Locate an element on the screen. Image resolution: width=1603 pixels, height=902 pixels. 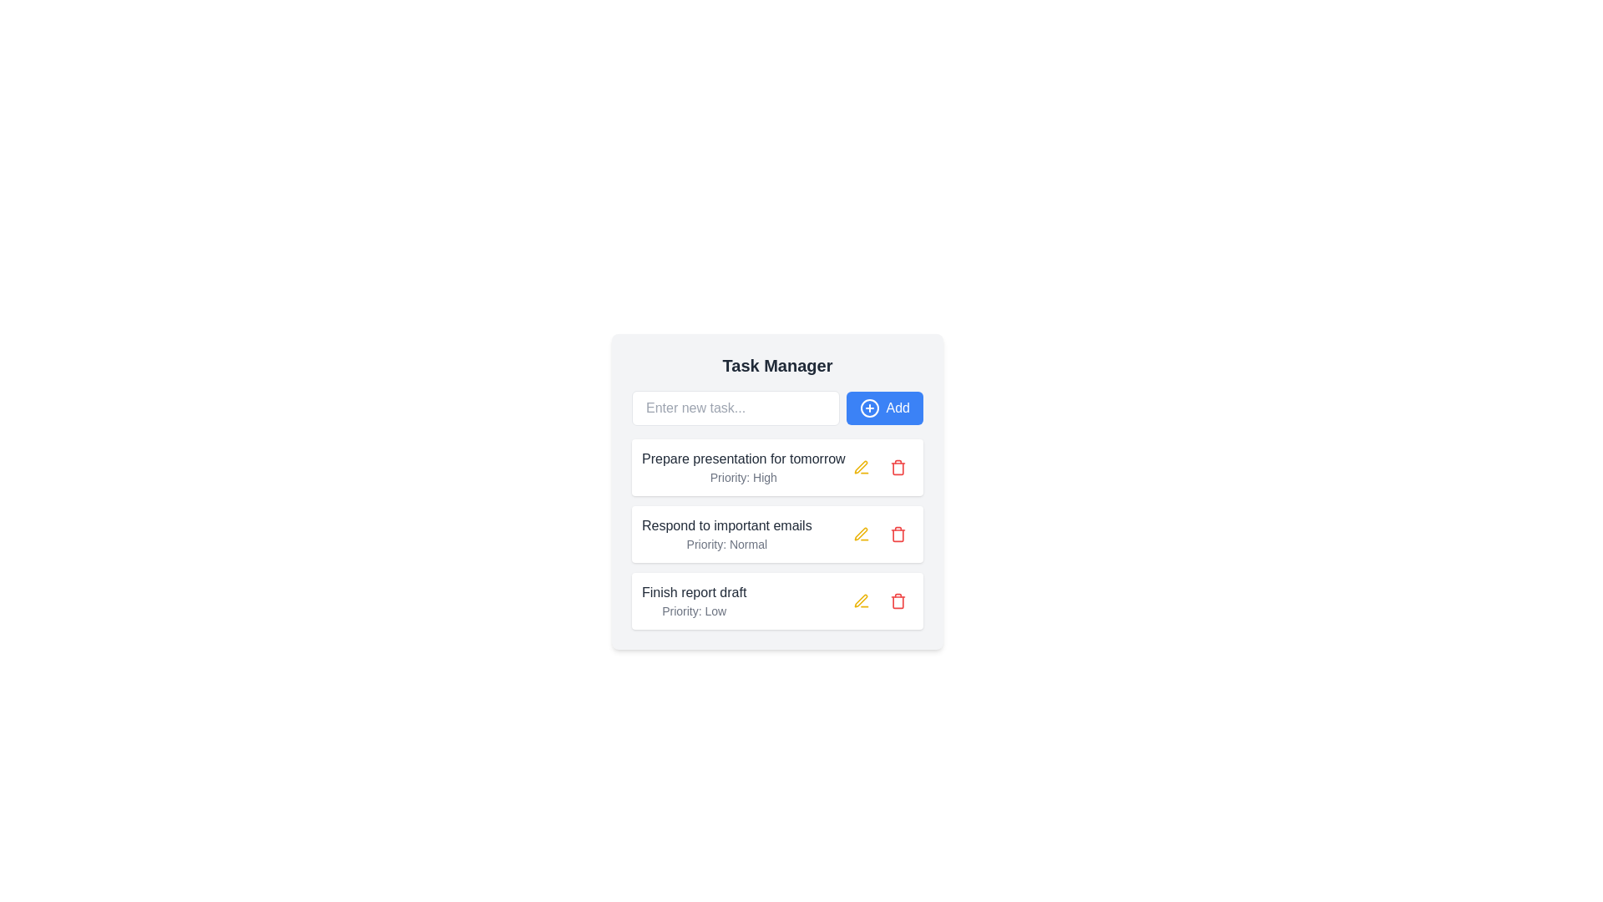
informational text label indicating the priority level of the associated task, which is 'Low', located beneath the text 'Finish report draft' in the third task of the vertical task list is located at coordinates (694, 611).